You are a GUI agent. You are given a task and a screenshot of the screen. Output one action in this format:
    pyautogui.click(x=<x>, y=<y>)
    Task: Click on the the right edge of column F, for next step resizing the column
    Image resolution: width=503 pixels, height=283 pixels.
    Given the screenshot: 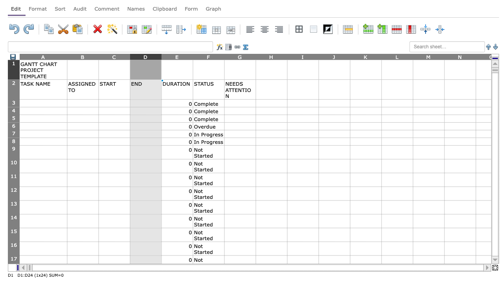 What is the action you would take?
    pyautogui.click(x=224, y=56)
    